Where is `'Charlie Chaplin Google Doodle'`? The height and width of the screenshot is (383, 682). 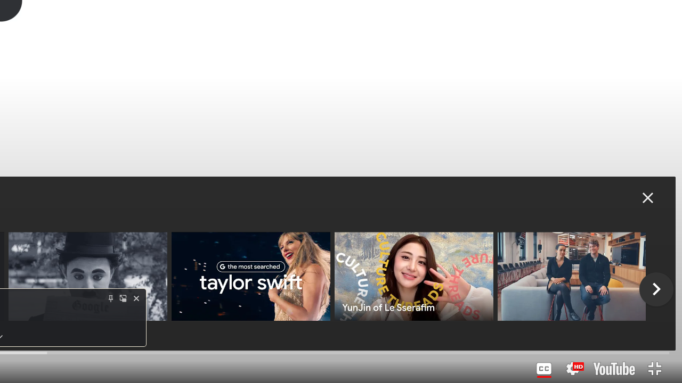
'Charlie Chaplin Google Doodle' is located at coordinates (87, 276).